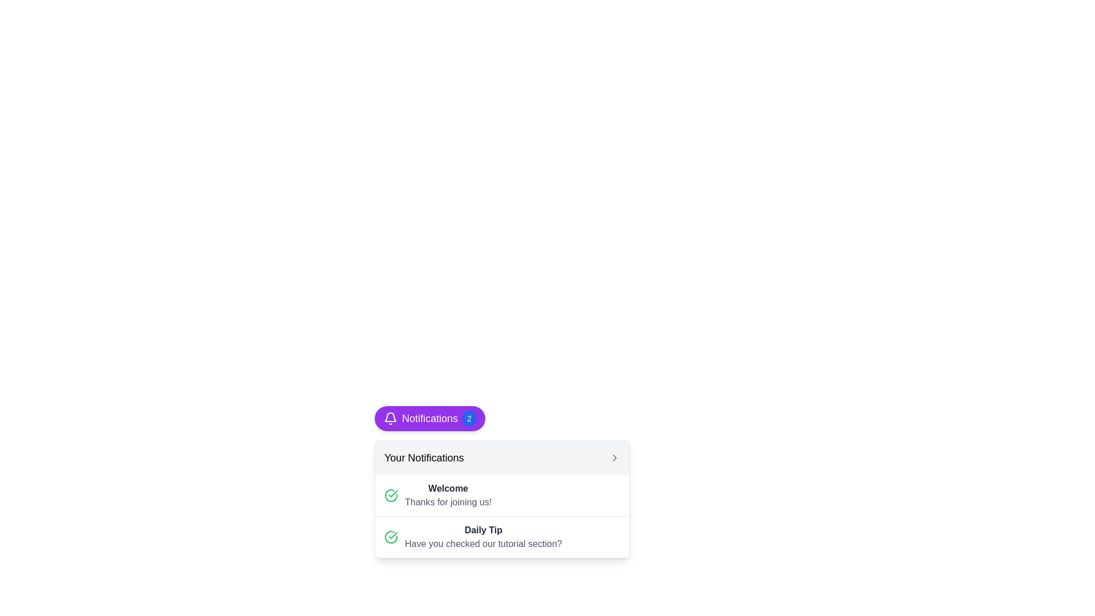  Describe the element at coordinates (483, 537) in the screenshot. I see `the static notification text block located beneath the 'Welcome' notification in the dropdown panel` at that location.